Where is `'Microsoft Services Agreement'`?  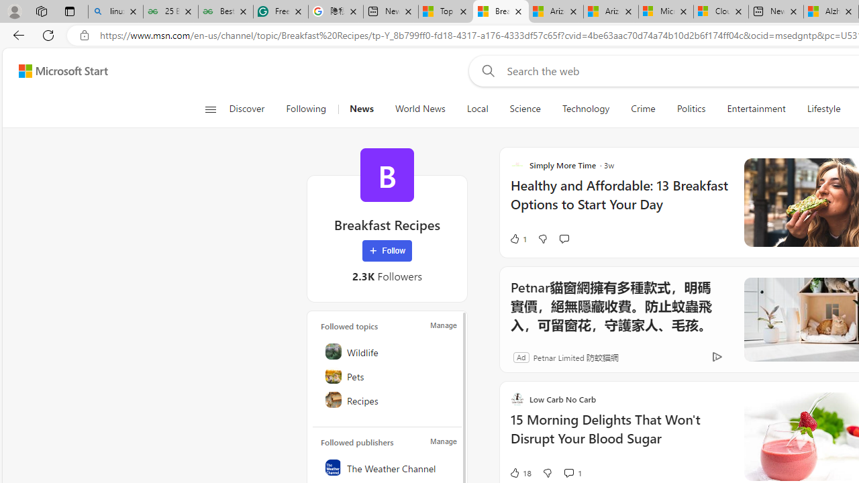 'Microsoft Services Agreement' is located at coordinates (666, 11).